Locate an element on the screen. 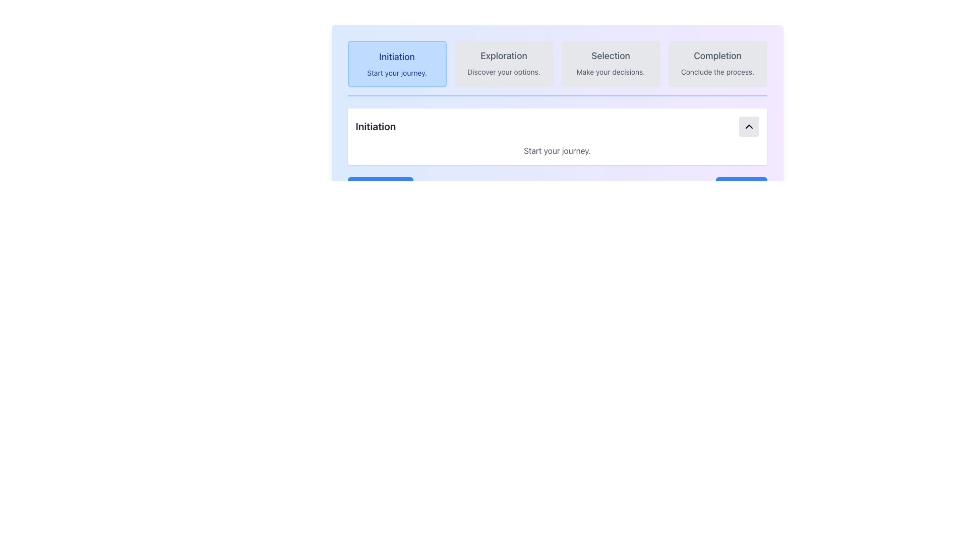 Image resolution: width=968 pixels, height=545 pixels. the descriptive text block in the 'Initiation' section, which provides contextual information or a call-to-action is located at coordinates (557, 151).